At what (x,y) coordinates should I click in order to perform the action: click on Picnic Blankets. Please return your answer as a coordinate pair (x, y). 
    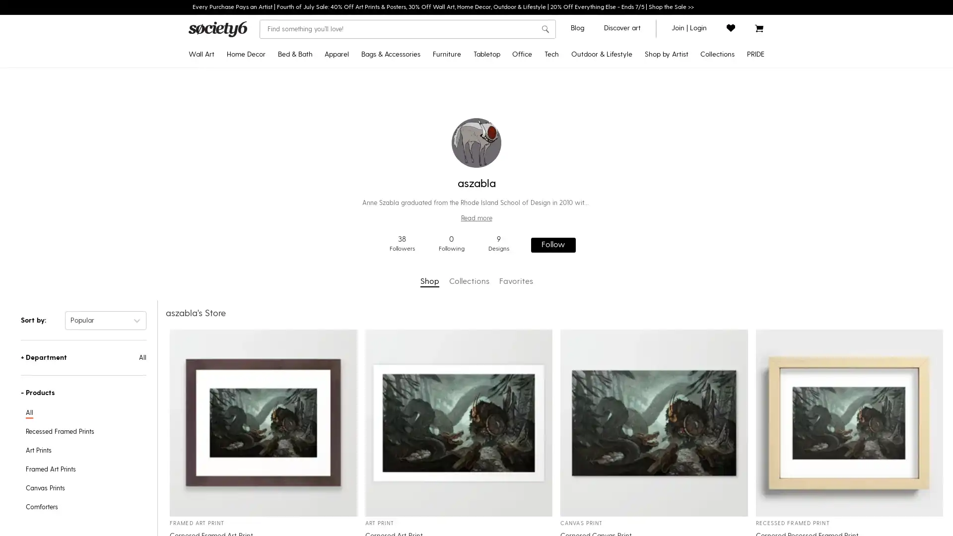
    Looking at the image, I should click on (614, 240).